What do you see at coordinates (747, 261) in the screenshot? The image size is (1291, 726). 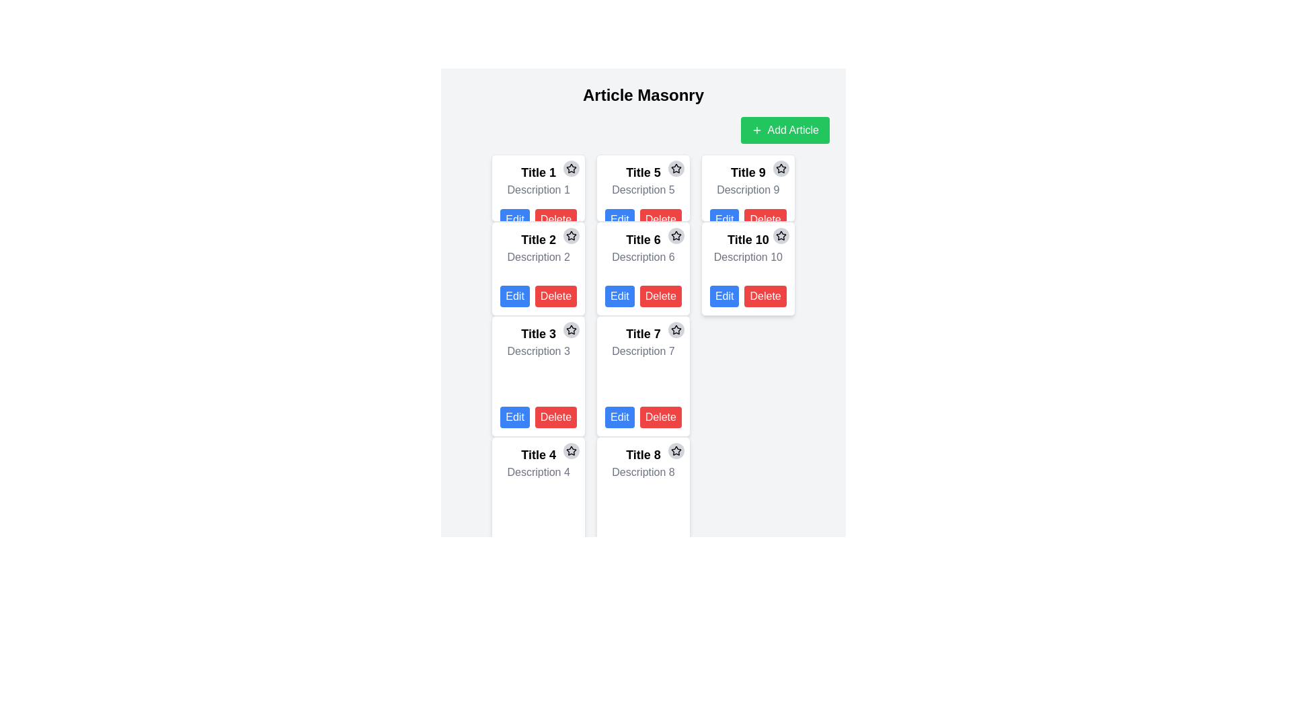 I see `the text label displaying 'Description 10', which is centrally placed below the header 'Title 10' in the tenth card of the grid layout titled 'Article Masonry'` at bounding box center [747, 261].